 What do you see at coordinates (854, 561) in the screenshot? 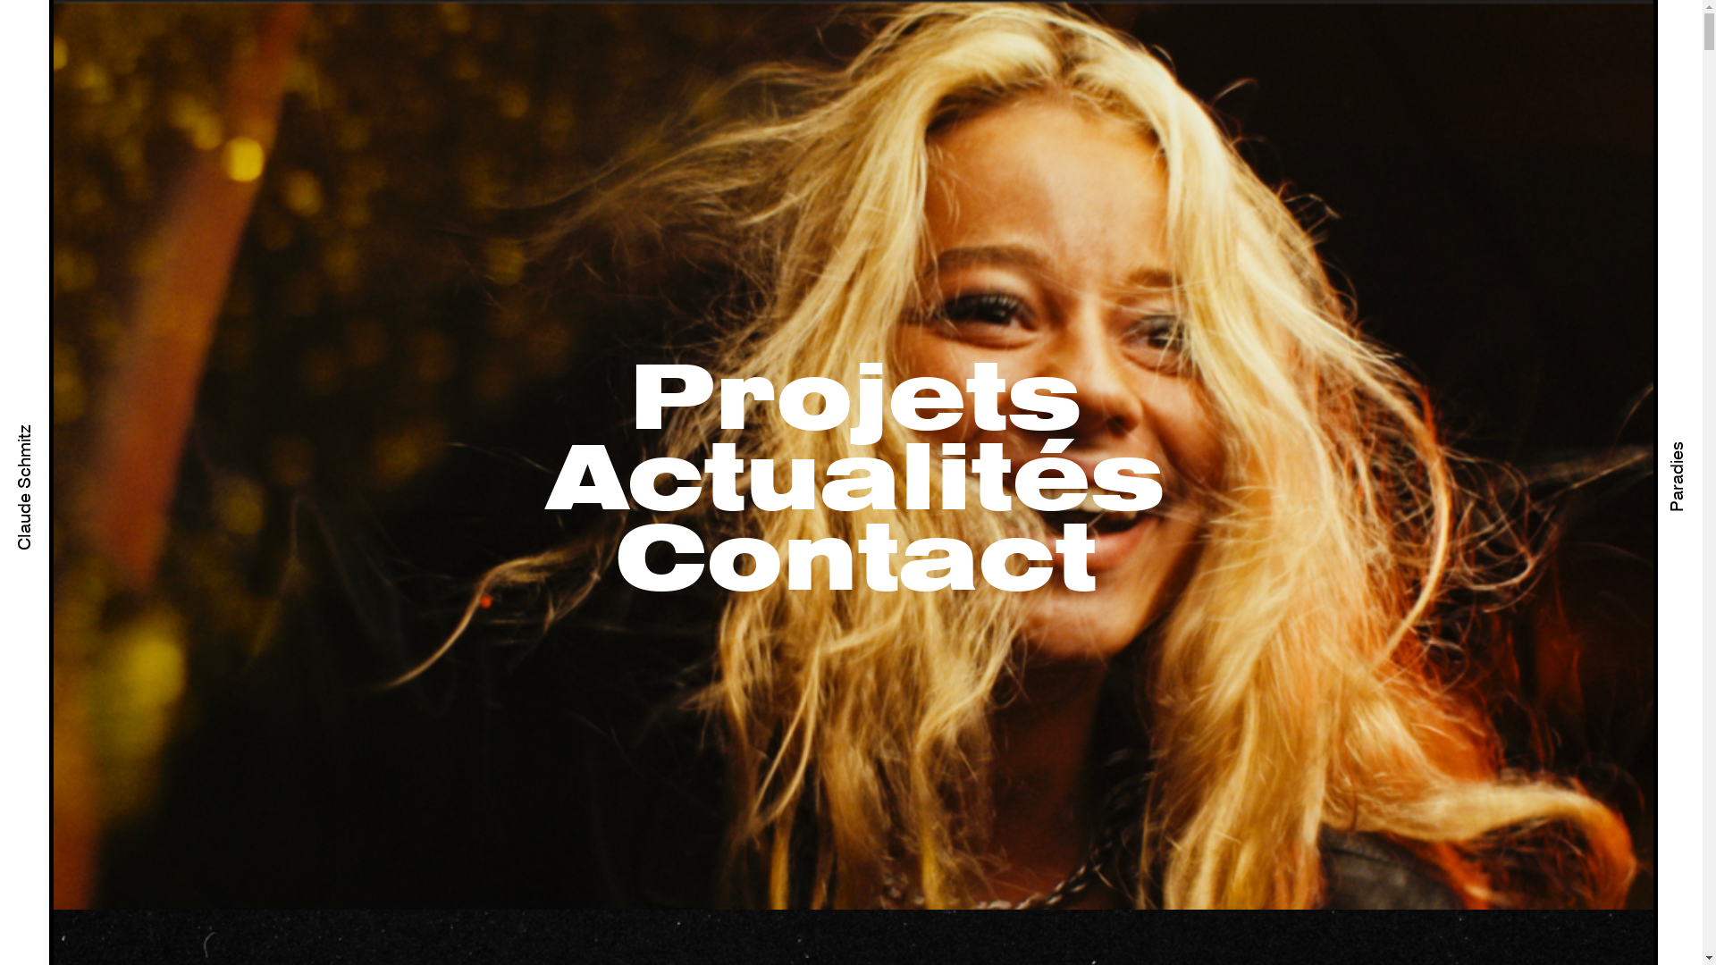
I see `'Contact'` at bounding box center [854, 561].